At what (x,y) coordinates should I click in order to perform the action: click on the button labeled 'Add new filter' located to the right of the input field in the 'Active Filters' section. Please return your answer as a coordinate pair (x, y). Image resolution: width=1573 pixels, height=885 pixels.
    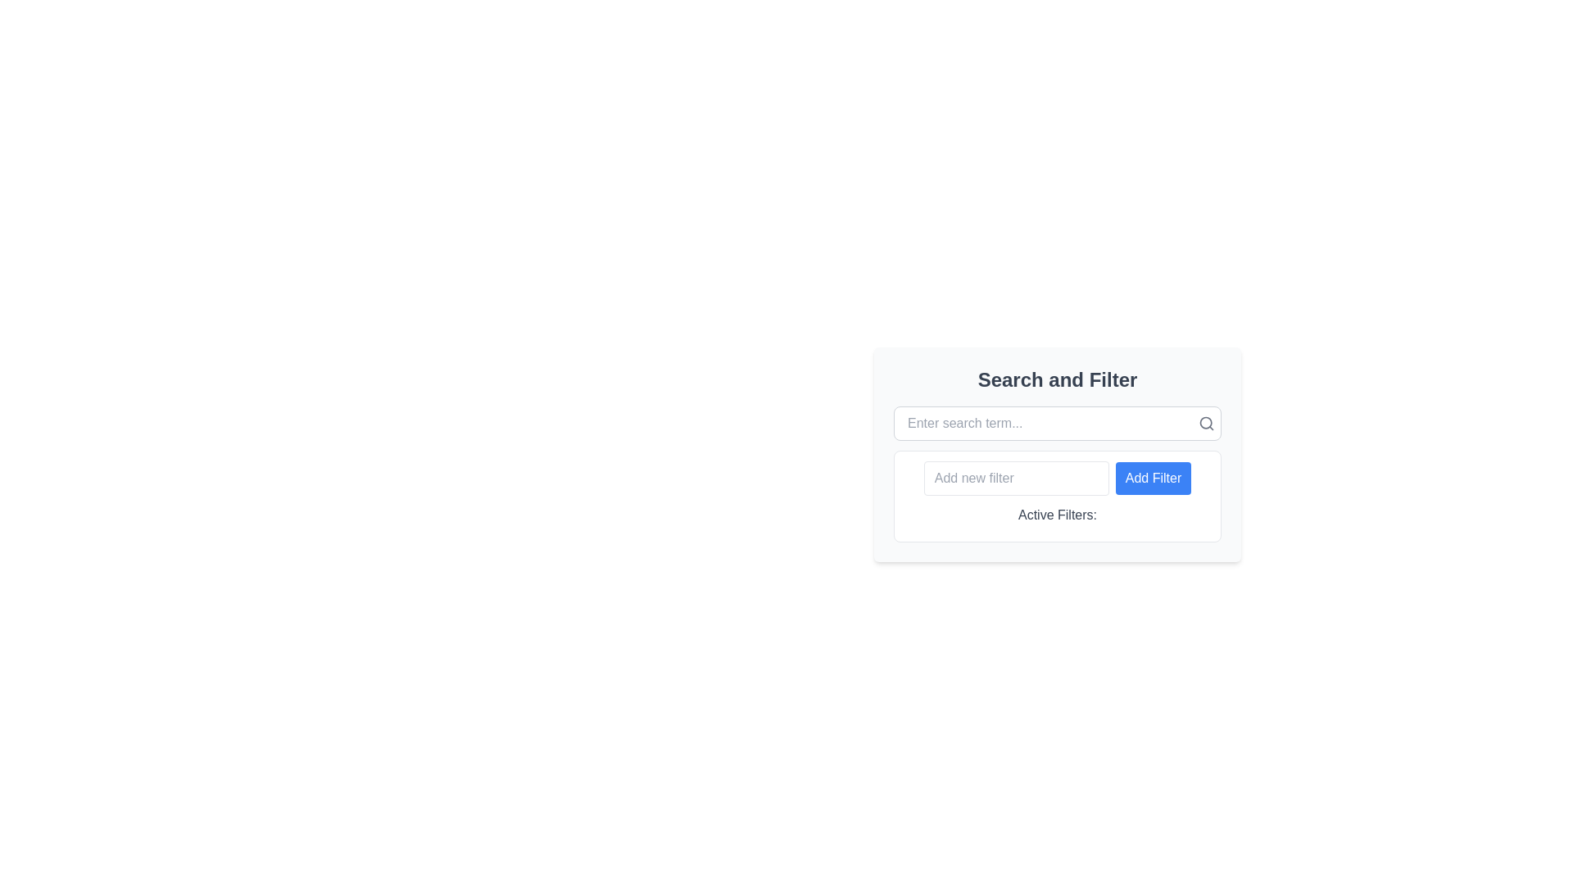
    Looking at the image, I should click on (1152, 478).